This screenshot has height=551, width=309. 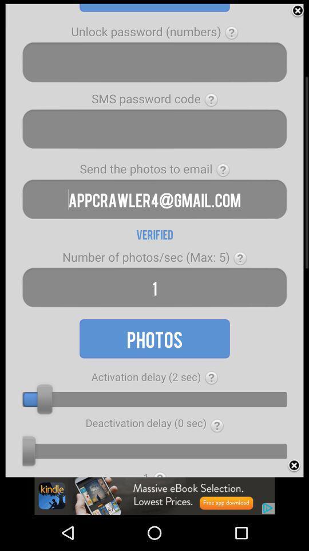 I want to click on the close icon, so click(x=294, y=498).